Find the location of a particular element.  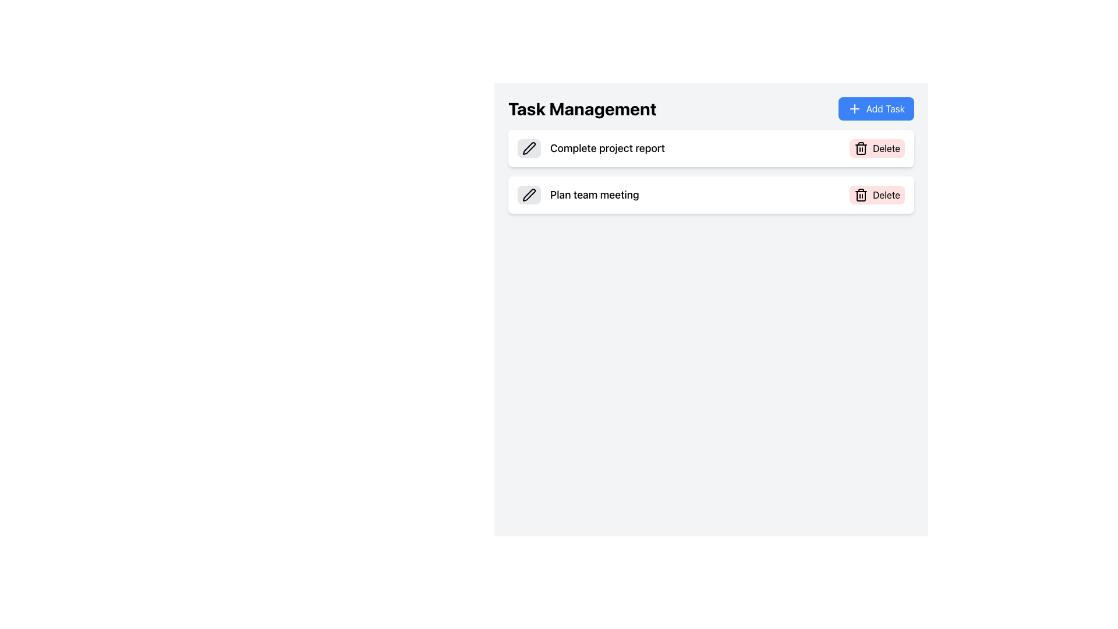

the trash bin icon within the 'Delete' button in the 'Task Management' interface, which is styled with a minimalist outline design and located on the right side of the task description is located at coordinates (861, 195).